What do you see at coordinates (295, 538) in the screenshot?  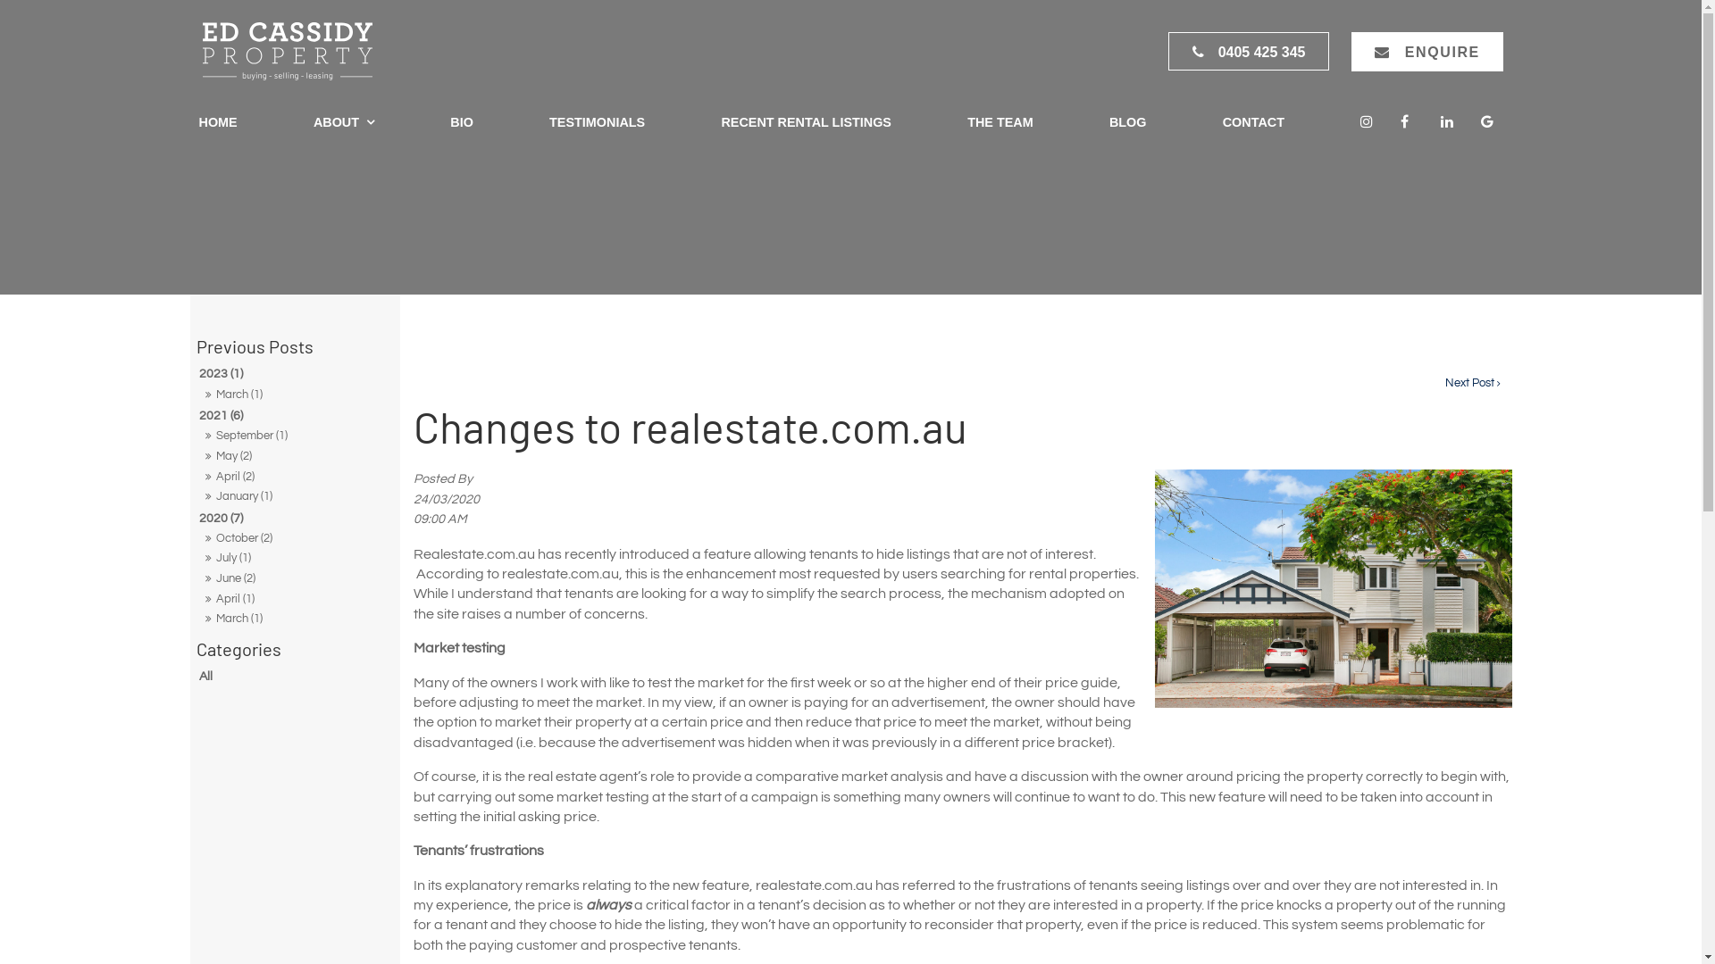 I see `'October (2)'` at bounding box center [295, 538].